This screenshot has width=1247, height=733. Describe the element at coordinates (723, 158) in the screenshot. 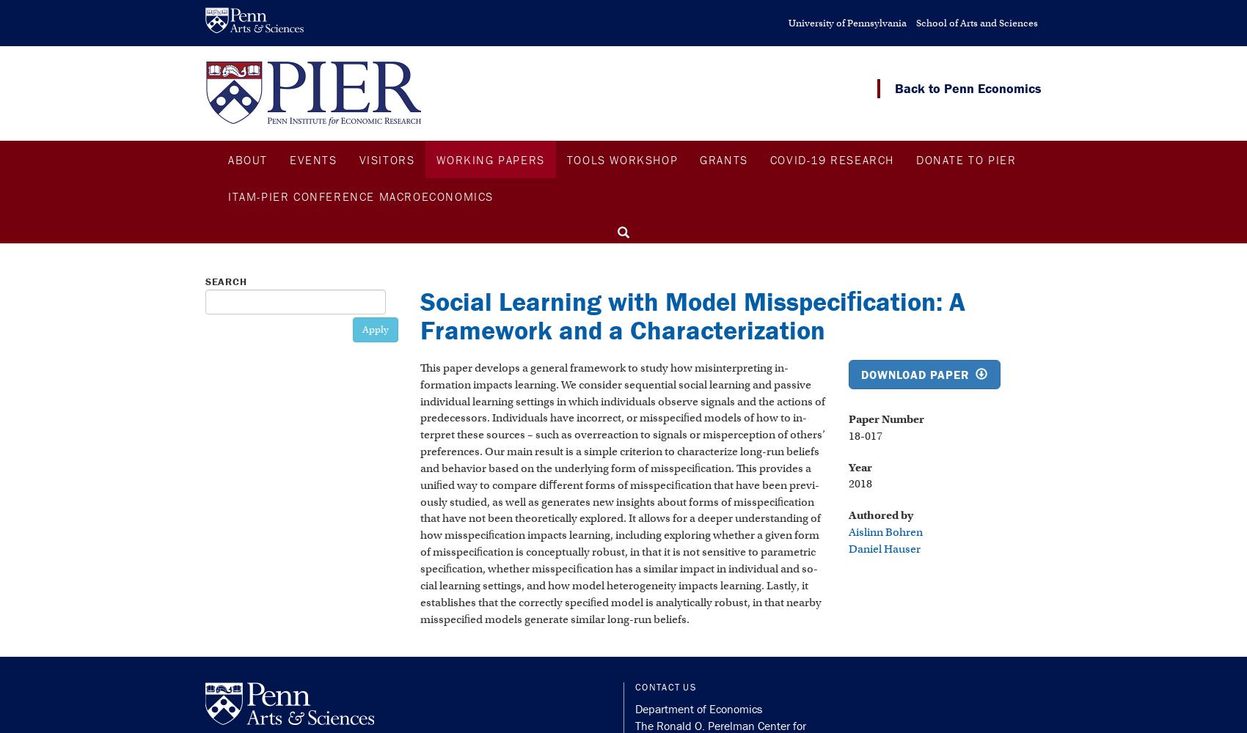

I see `'Grants'` at that location.